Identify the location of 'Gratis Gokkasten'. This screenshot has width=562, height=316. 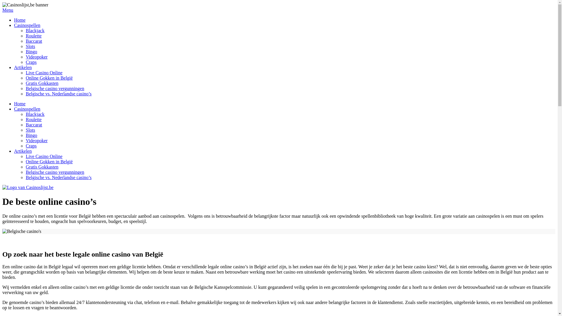
(42, 167).